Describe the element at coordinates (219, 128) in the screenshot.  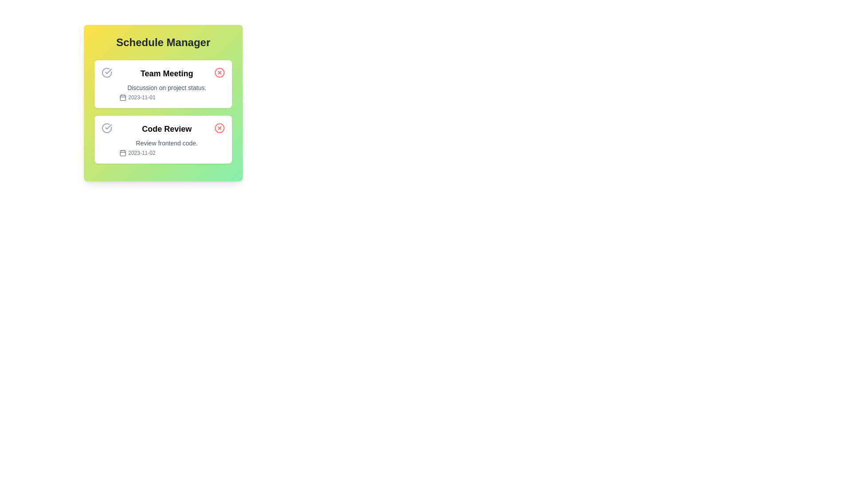
I see `the close (X) icon with a circular outline located to the far right of the 'Code Review' card in the 'Schedule Manager' section` at that location.